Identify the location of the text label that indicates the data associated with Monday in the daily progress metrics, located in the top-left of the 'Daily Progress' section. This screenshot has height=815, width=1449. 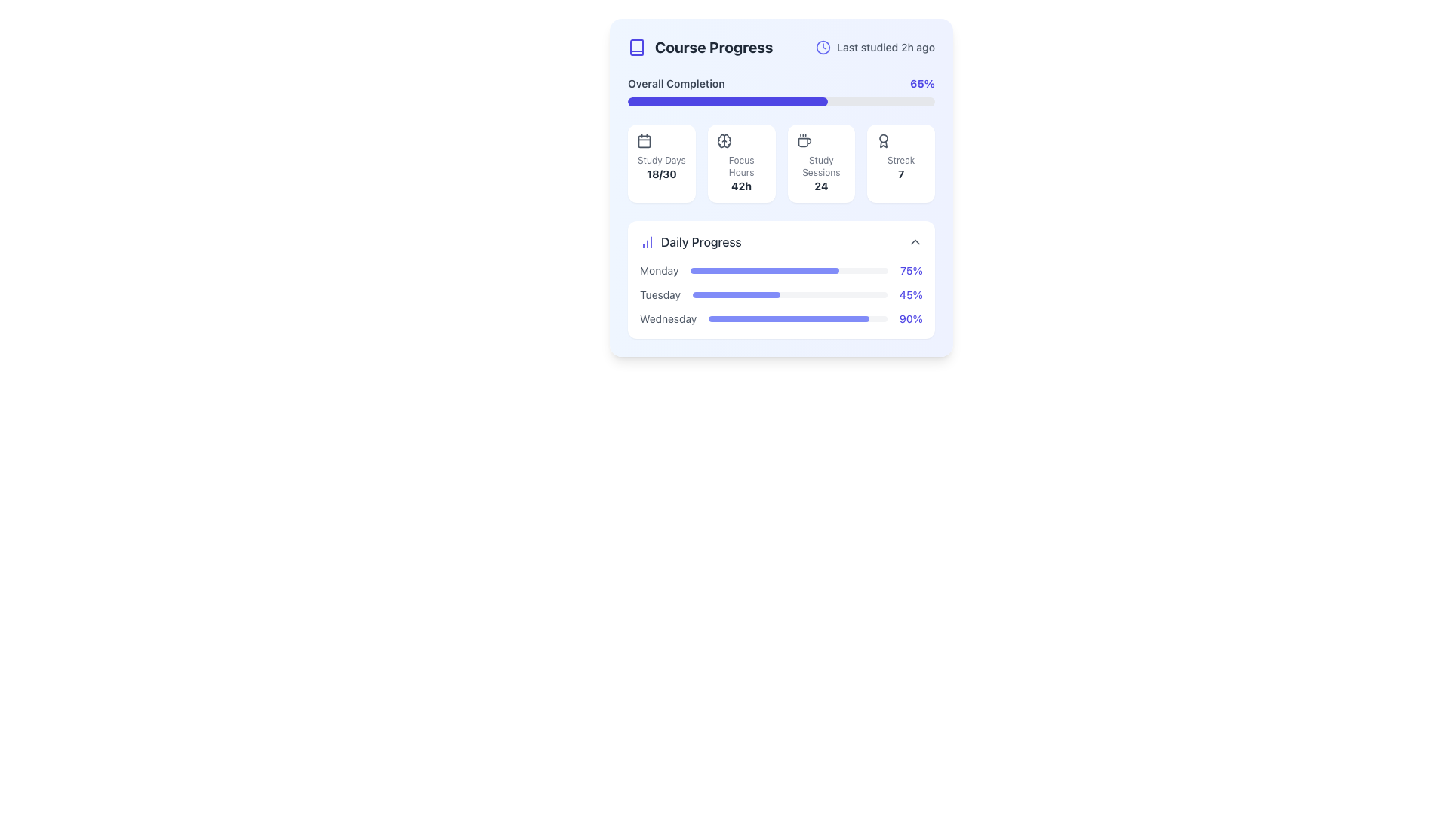
(659, 269).